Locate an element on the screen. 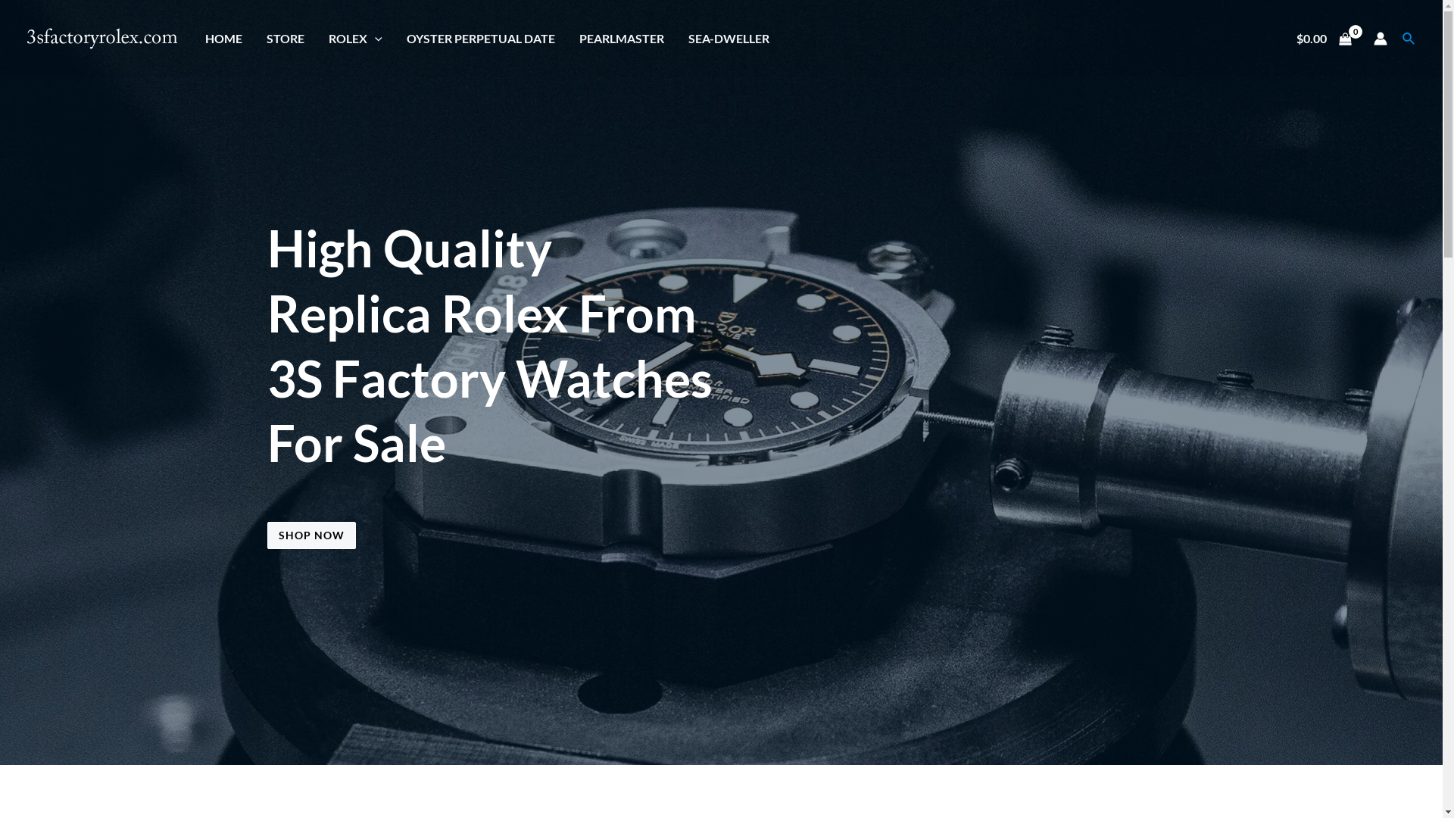 This screenshot has width=1454, height=818. 'STORE' is located at coordinates (285, 37).